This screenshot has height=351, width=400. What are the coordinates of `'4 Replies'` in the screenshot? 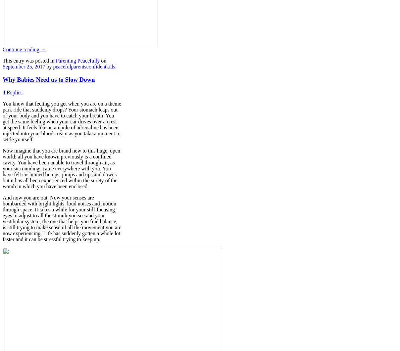 It's located at (12, 92).